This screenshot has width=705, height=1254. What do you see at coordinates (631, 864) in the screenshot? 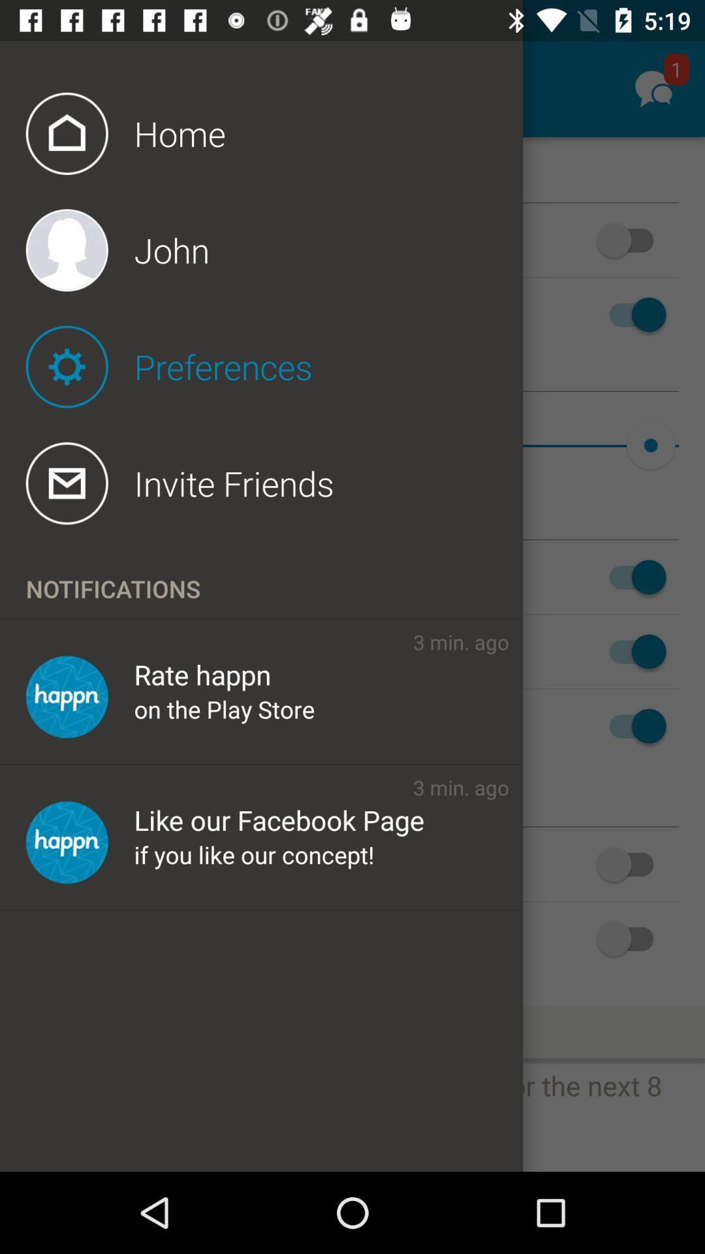
I see `the on and off button which is bottom right corner of second one` at bounding box center [631, 864].